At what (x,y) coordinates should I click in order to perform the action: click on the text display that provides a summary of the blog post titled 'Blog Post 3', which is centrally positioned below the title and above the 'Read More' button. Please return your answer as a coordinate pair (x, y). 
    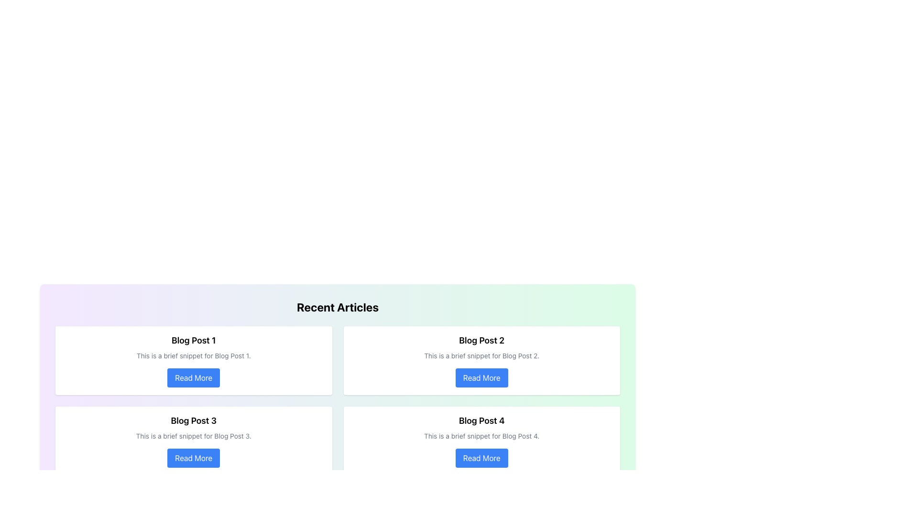
    Looking at the image, I should click on (193, 436).